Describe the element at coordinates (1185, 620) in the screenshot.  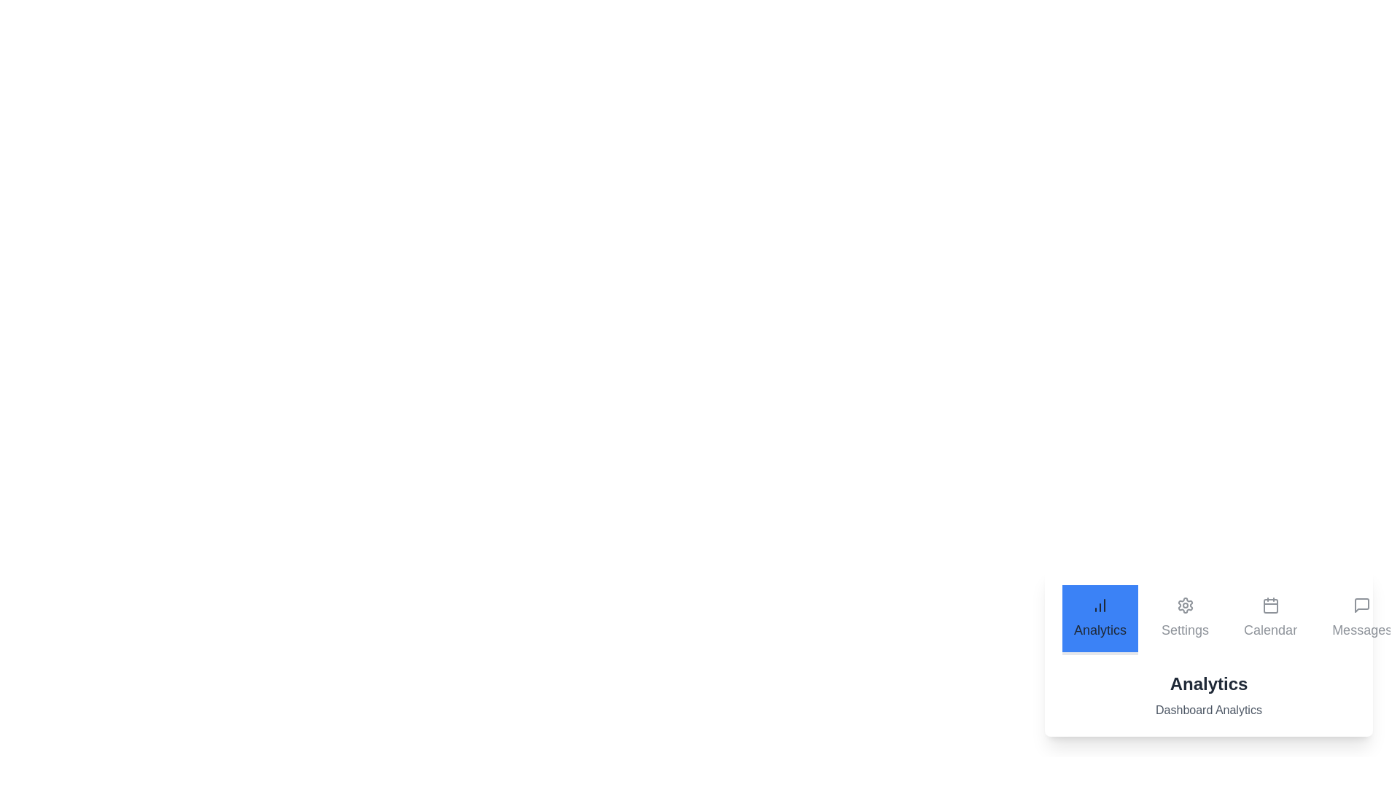
I see `the Settings tab` at that location.